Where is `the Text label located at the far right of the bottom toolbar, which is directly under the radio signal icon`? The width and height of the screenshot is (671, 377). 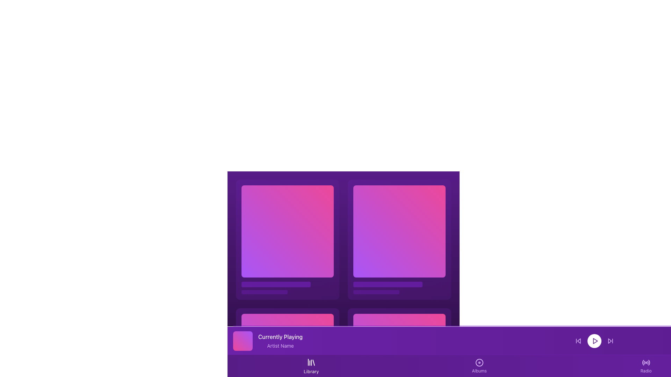
the Text label located at the far right of the bottom toolbar, which is directly under the radio signal icon is located at coordinates (645, 370).